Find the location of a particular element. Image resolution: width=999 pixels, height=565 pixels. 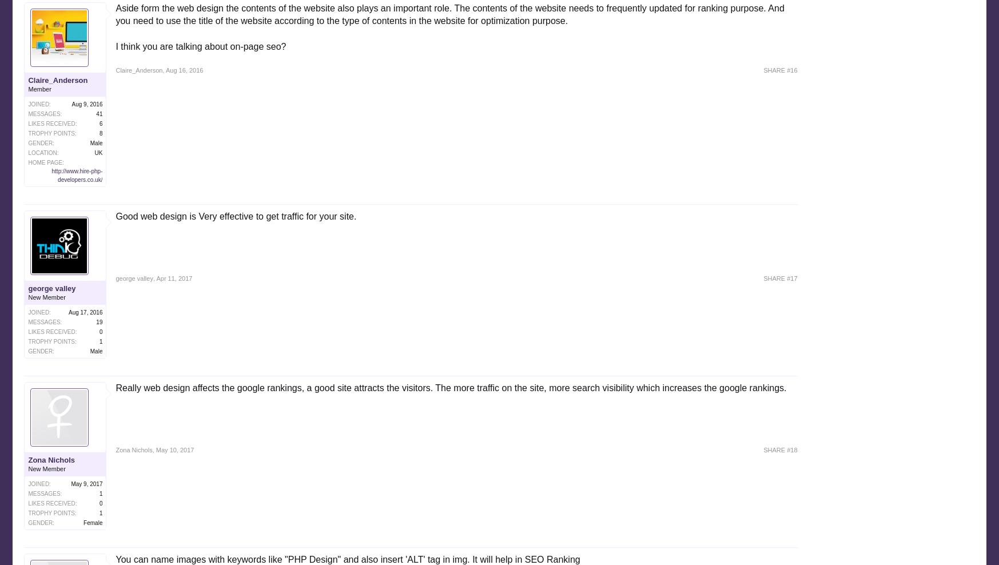

'SHARE #18' is located at coordinates (780, 449).